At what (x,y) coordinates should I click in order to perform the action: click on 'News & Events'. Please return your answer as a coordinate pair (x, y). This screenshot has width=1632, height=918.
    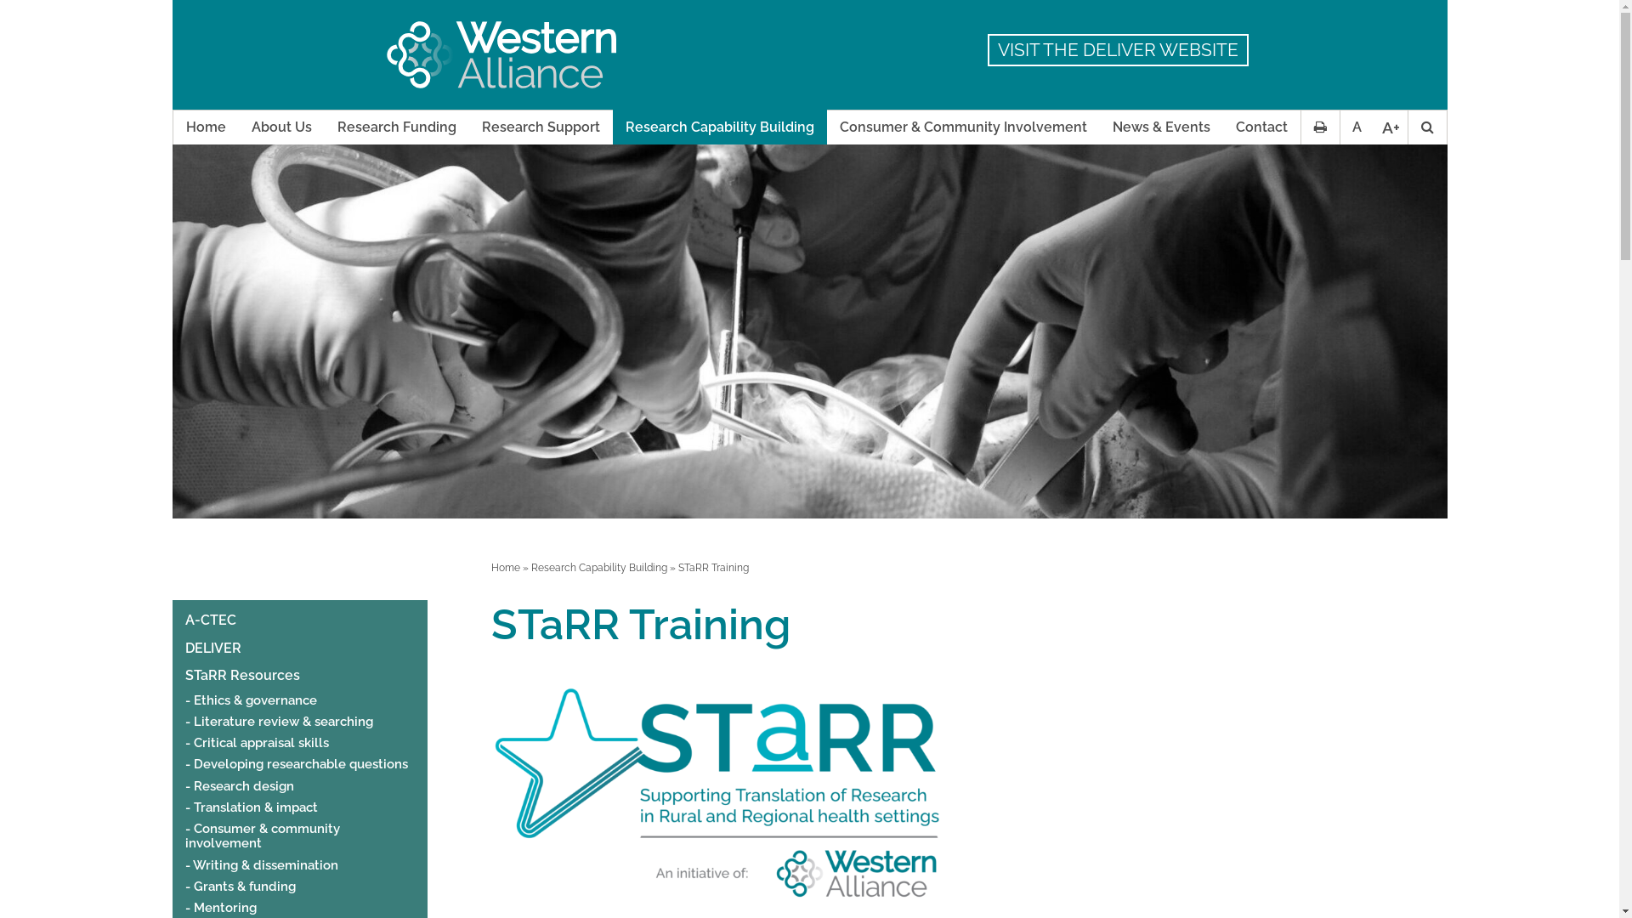
    Looking at the image, I should click on (1160, 127).